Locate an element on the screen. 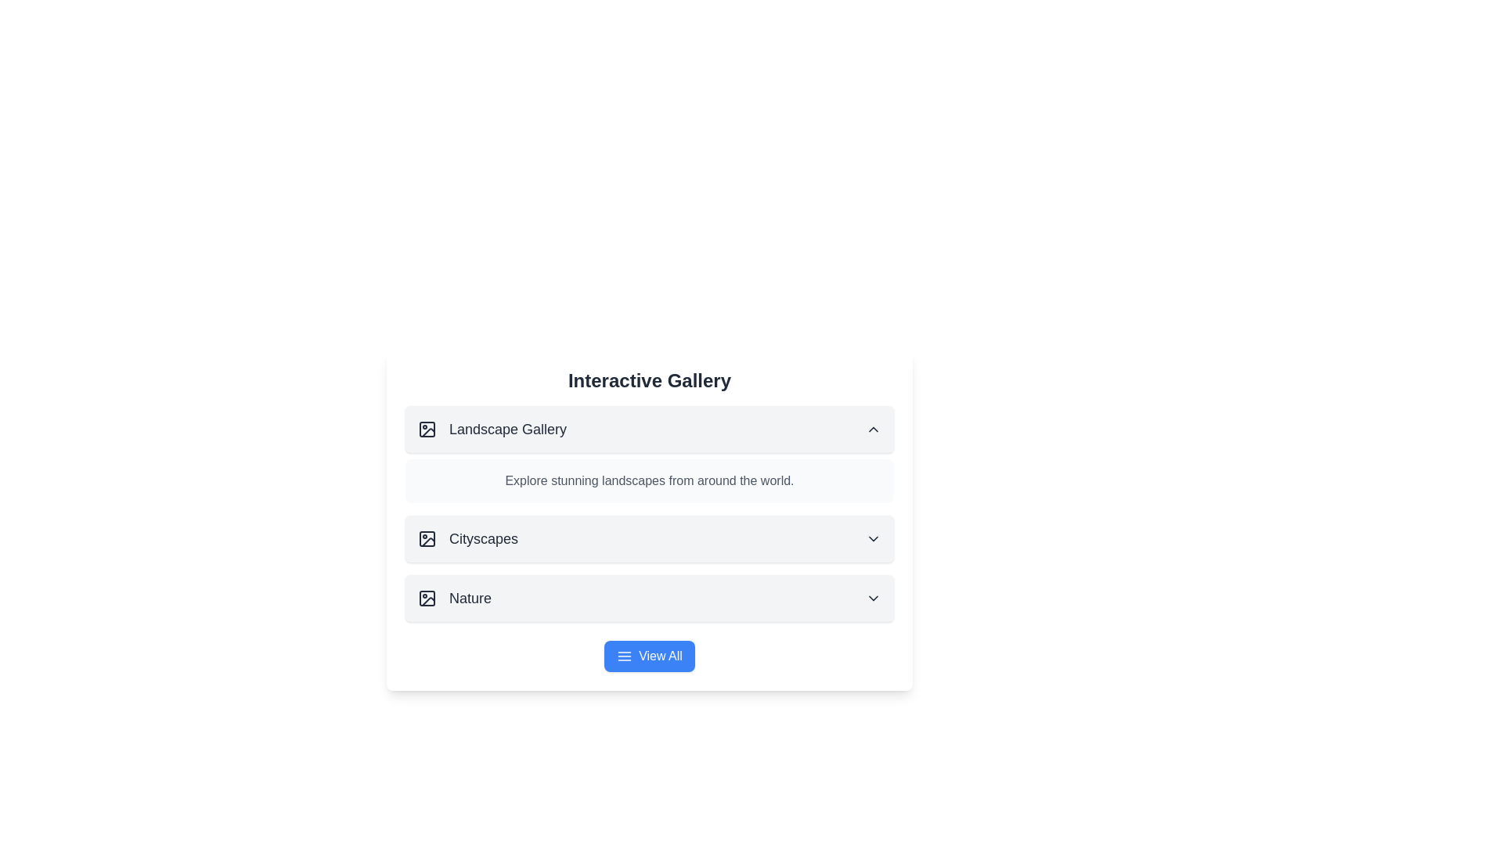  the icon representing the 'Cityscapes' category, which is the second list item in a vertical group is located at coordinates (427, 538).